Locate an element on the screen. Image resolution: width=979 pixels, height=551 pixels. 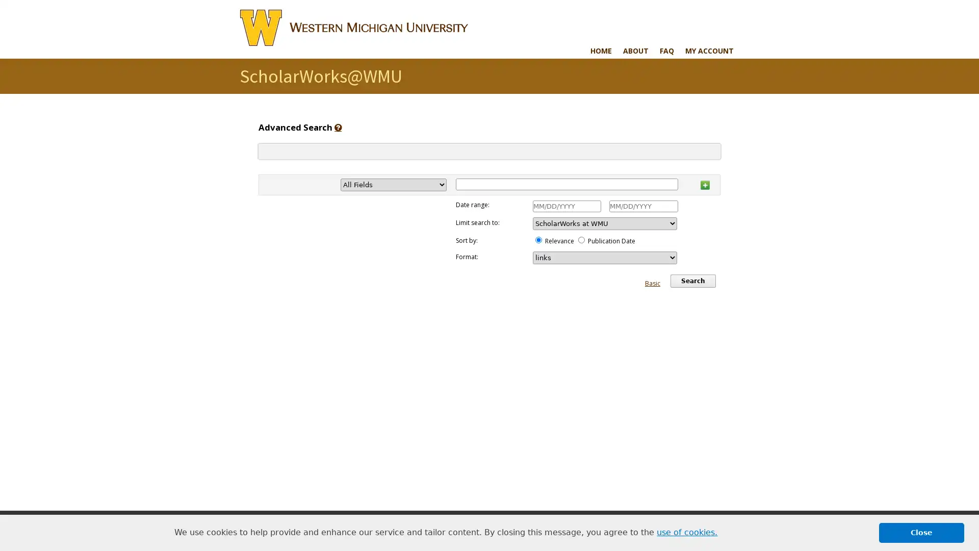
dismiss cookie message is located at coordinates (921, 532).